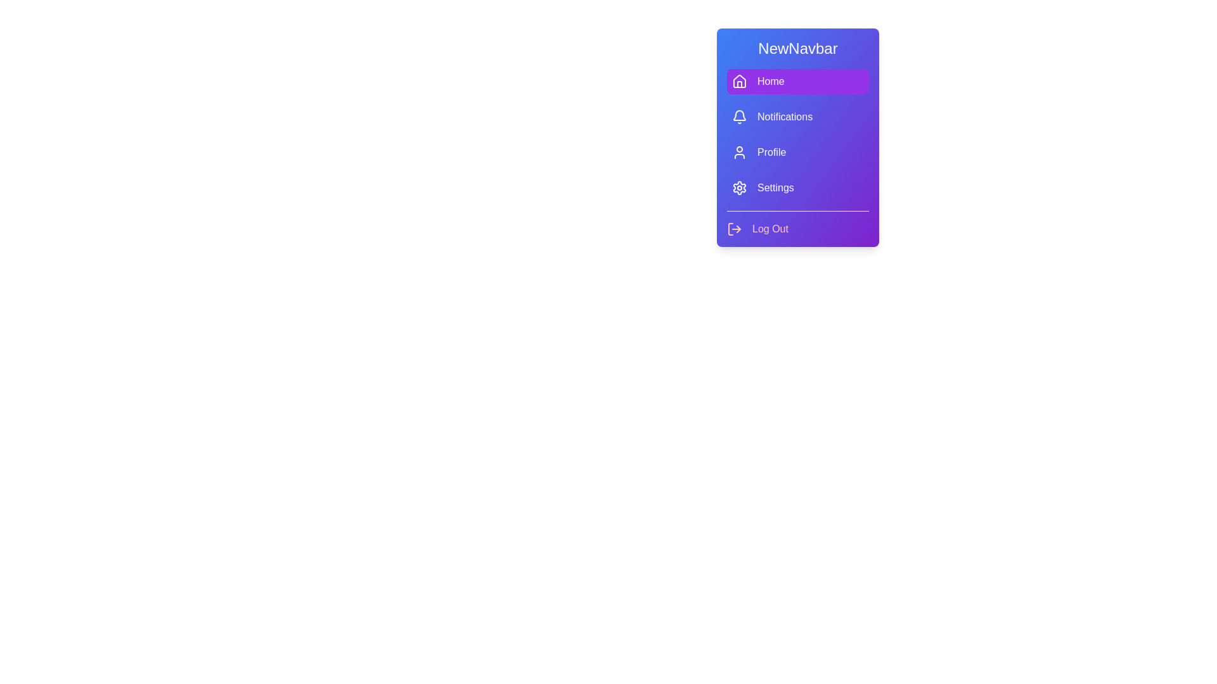 The image size is (1217, 684). Describe the element at coordinates (734, 229) in the screenshot. I see `the arrow icon next to the 'Log Out' text for accessibility purposes` at that location.